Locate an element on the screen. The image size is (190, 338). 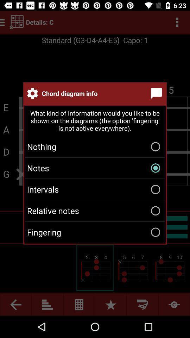
icon above the notes icon is located at coordinates (95, 146).